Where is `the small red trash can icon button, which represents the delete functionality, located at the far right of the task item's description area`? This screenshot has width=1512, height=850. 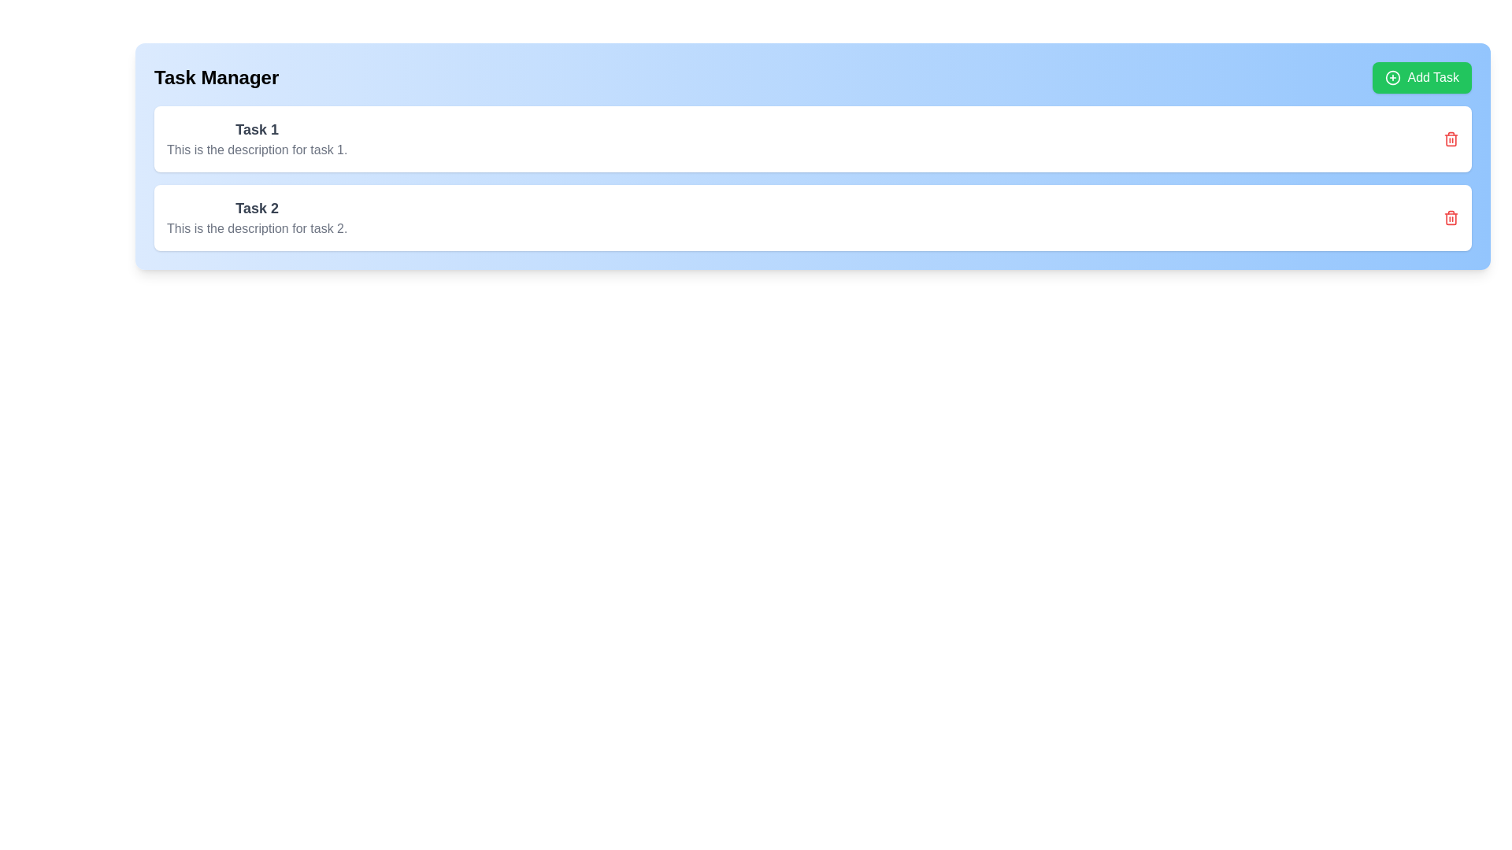 the small red trash can icon button, which represents the delete functionality, located at the far right of the task item's description area is located at coordinates (1451, 139).